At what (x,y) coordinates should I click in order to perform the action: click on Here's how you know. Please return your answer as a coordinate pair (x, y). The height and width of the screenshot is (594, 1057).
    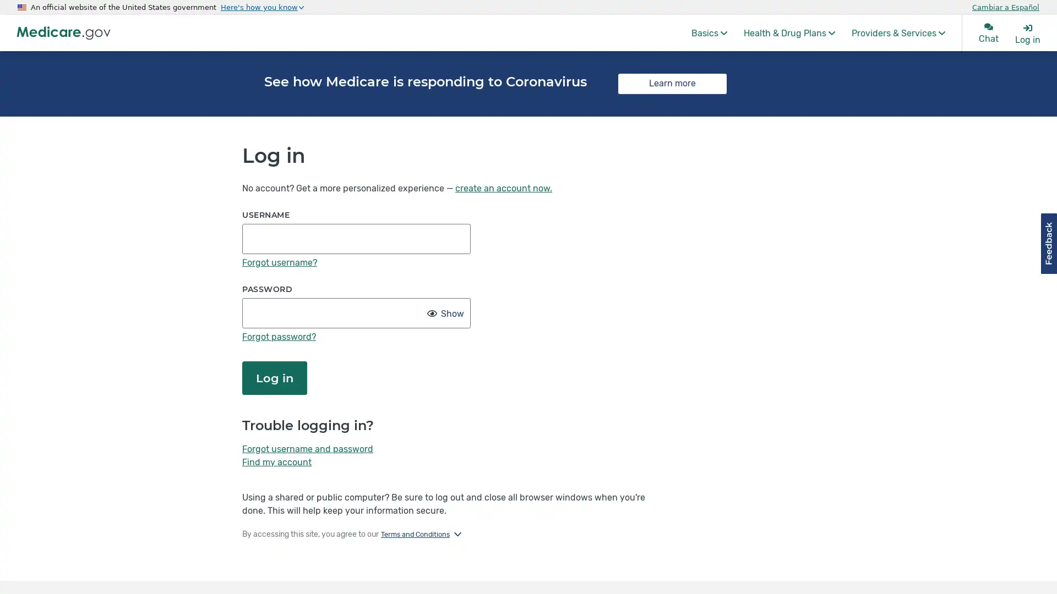
    Looking at the image, I should click on (261, 7).